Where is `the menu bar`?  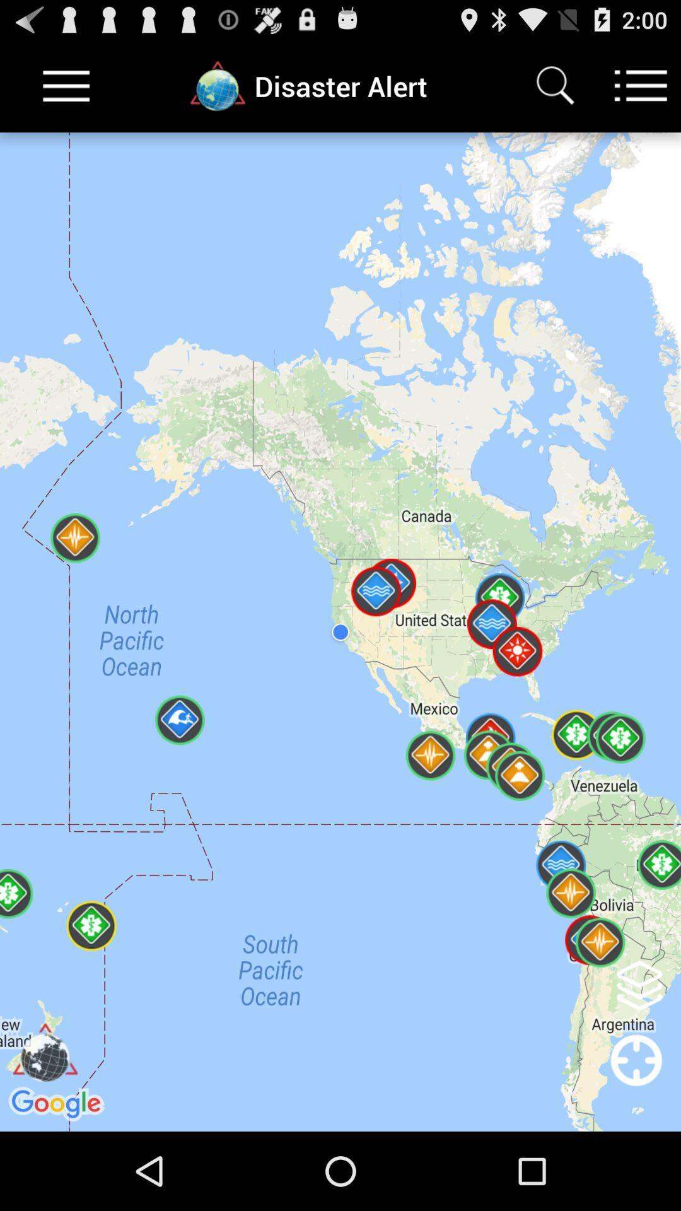 the menu bar is located at coordinates (66, 85).